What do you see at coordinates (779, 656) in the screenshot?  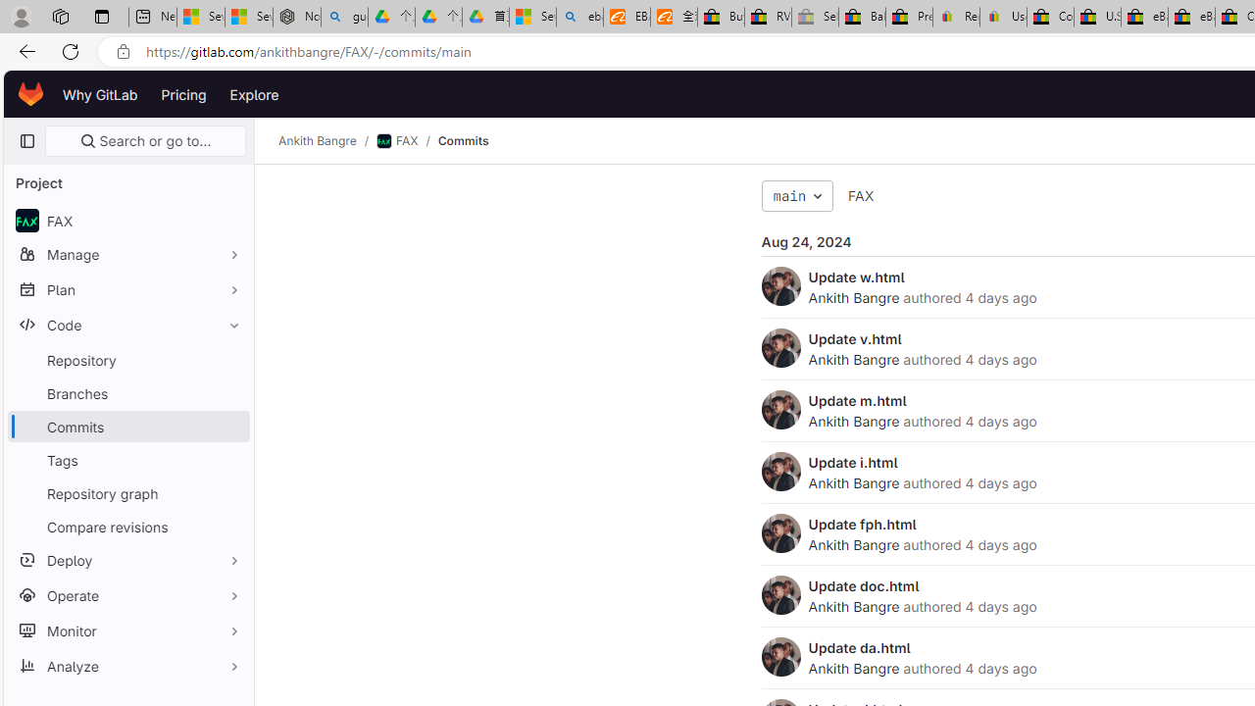 I see `'Ankith Bangre'` at bounding box center [779, 656].